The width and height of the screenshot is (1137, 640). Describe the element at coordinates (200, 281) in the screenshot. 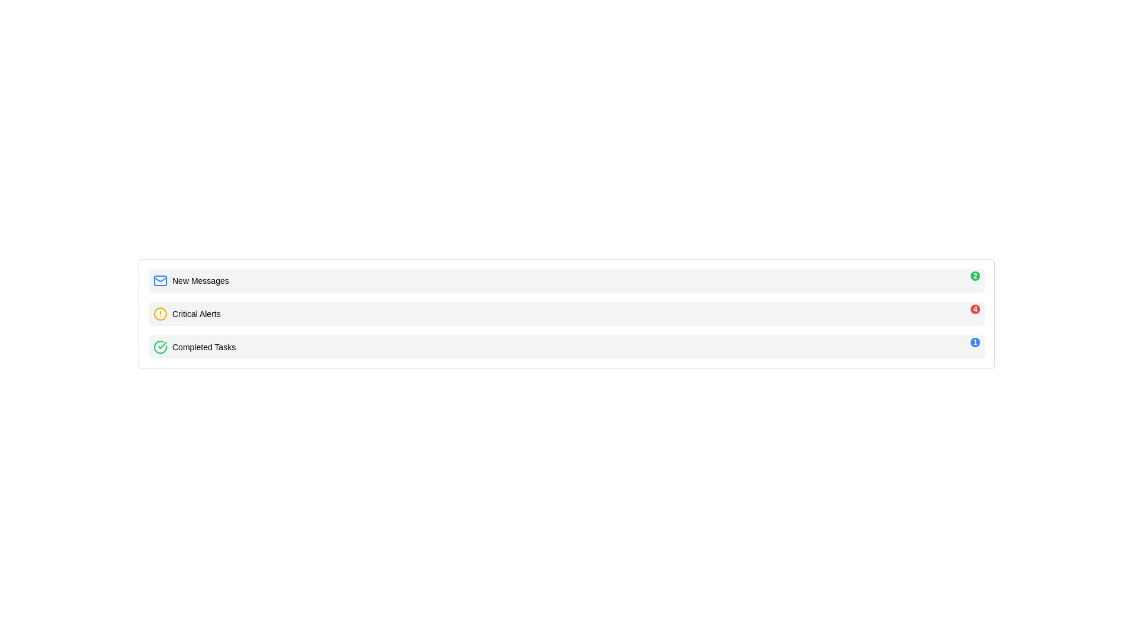

I see `text of the 'New Messages' label, which is styled in black and positioned next to a blue mail icon` at that location.